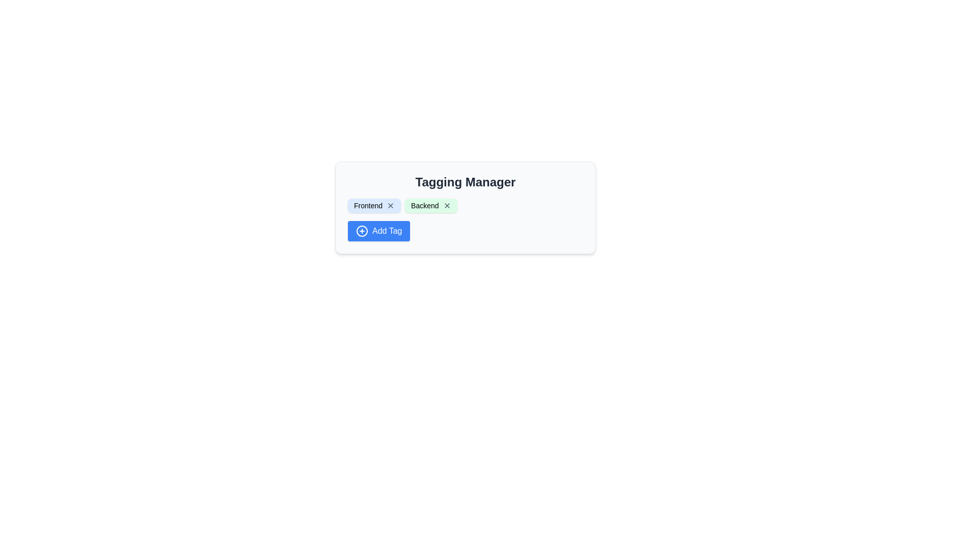 This screenshot has height=550, width=978. What do you see at coordinates (390, 206) in the screenshot?
I see `the close button located at the rightmost side of the 'Frontend' button` at bounding box center [390, 206].